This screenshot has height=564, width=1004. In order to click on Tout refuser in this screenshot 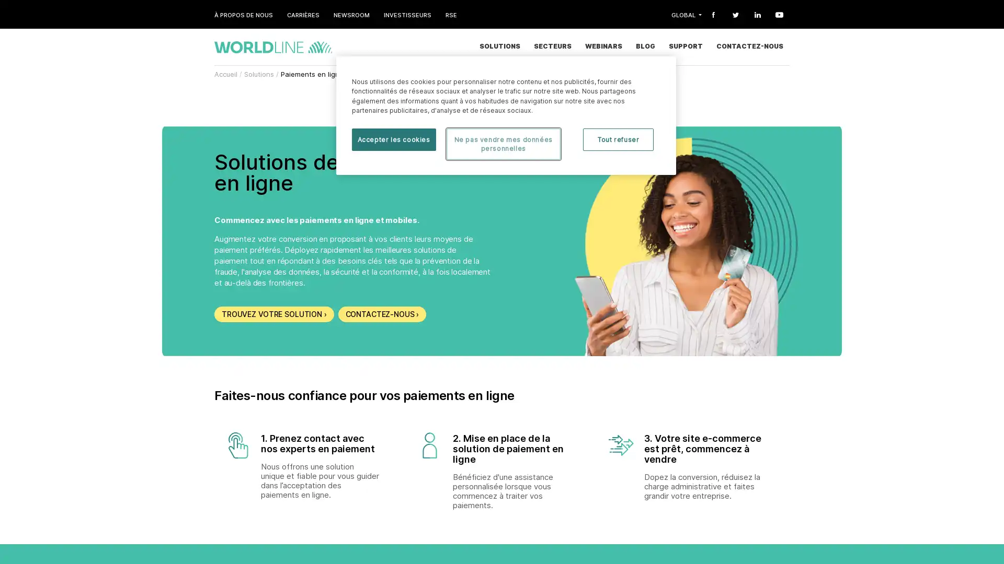, I will do `click(618, 139)`.